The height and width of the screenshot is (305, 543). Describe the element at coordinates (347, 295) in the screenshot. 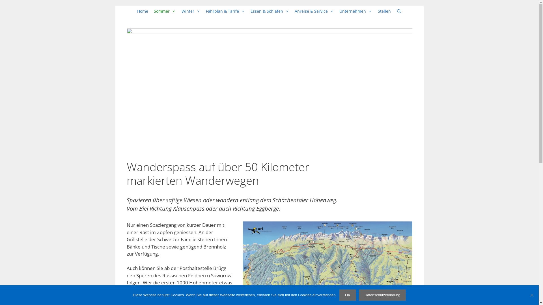

I see `'OK'` at that location.